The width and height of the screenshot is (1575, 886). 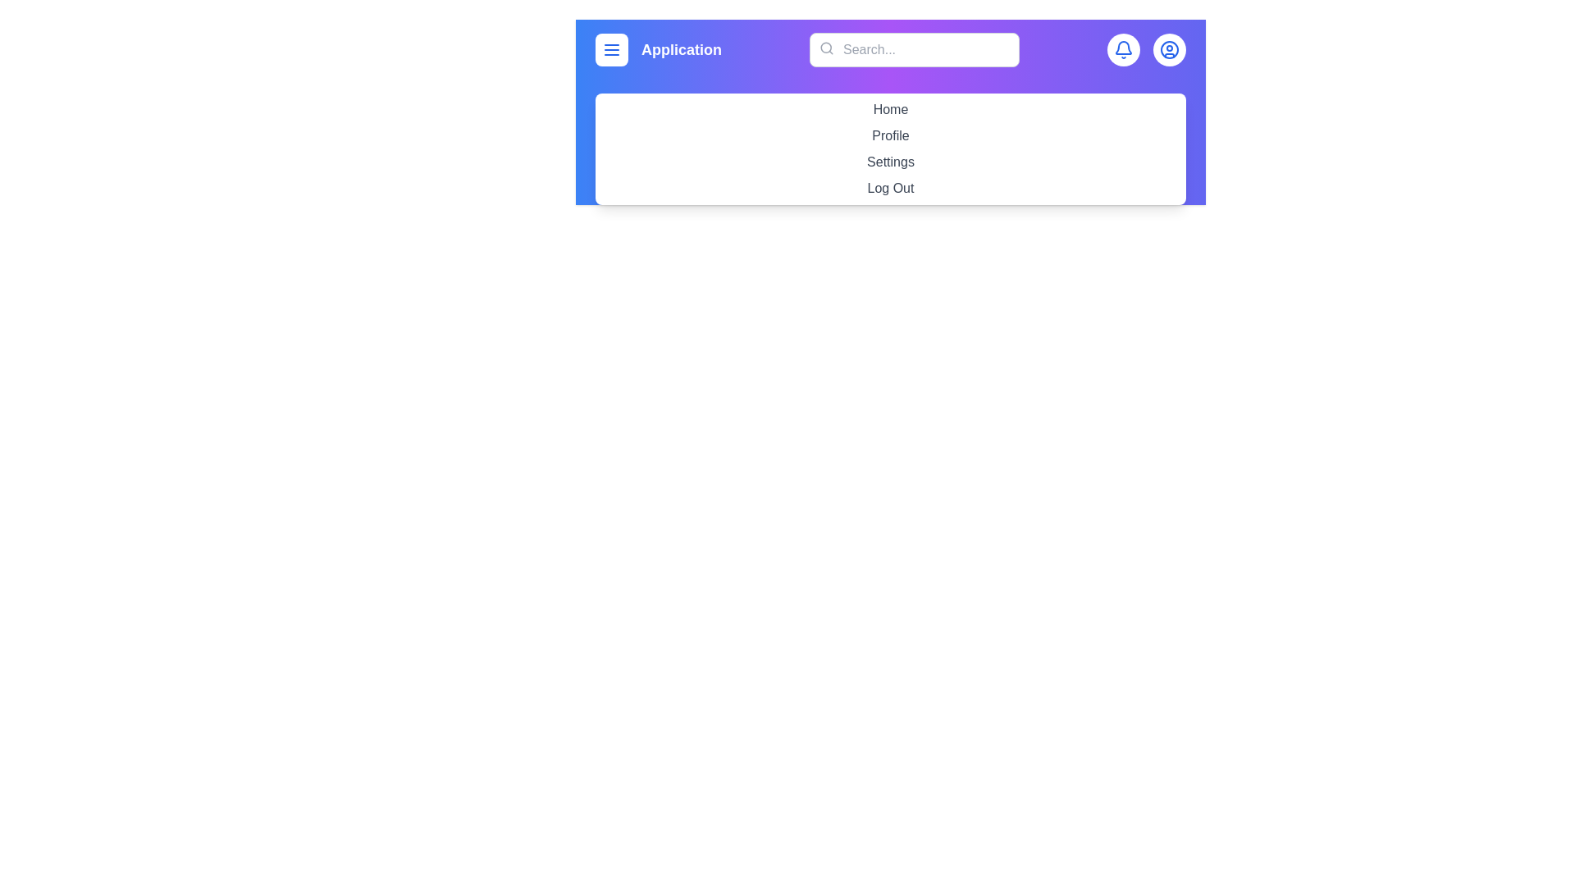 I want to click on the user icon to access user profile options, so click(x=1168, y=49).